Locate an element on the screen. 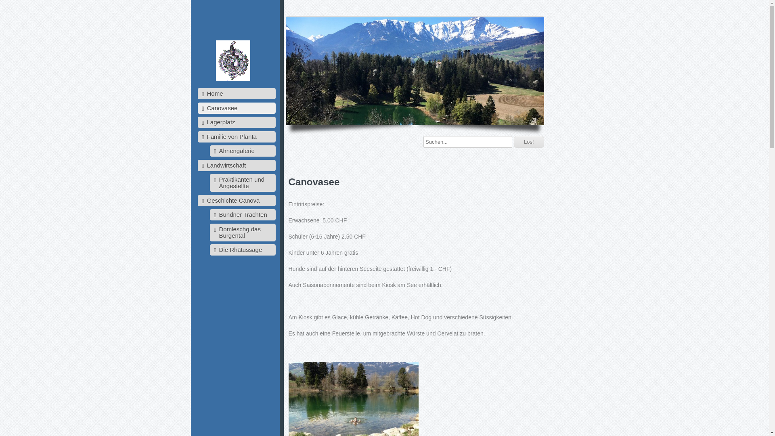 This screenshot has height=436, width=775. 'Landwirtschaft' is located at coordinates (236, 165).